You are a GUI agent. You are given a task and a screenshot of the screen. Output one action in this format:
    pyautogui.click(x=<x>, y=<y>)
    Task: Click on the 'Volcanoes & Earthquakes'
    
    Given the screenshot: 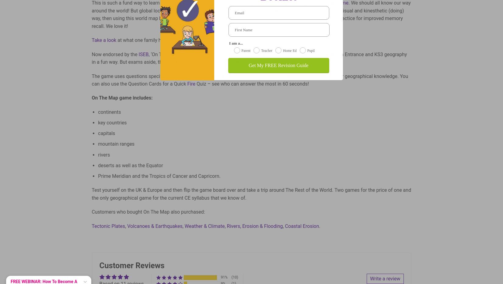 What is the action you would take?
    pyautogui.click(x=154, y=226)
    